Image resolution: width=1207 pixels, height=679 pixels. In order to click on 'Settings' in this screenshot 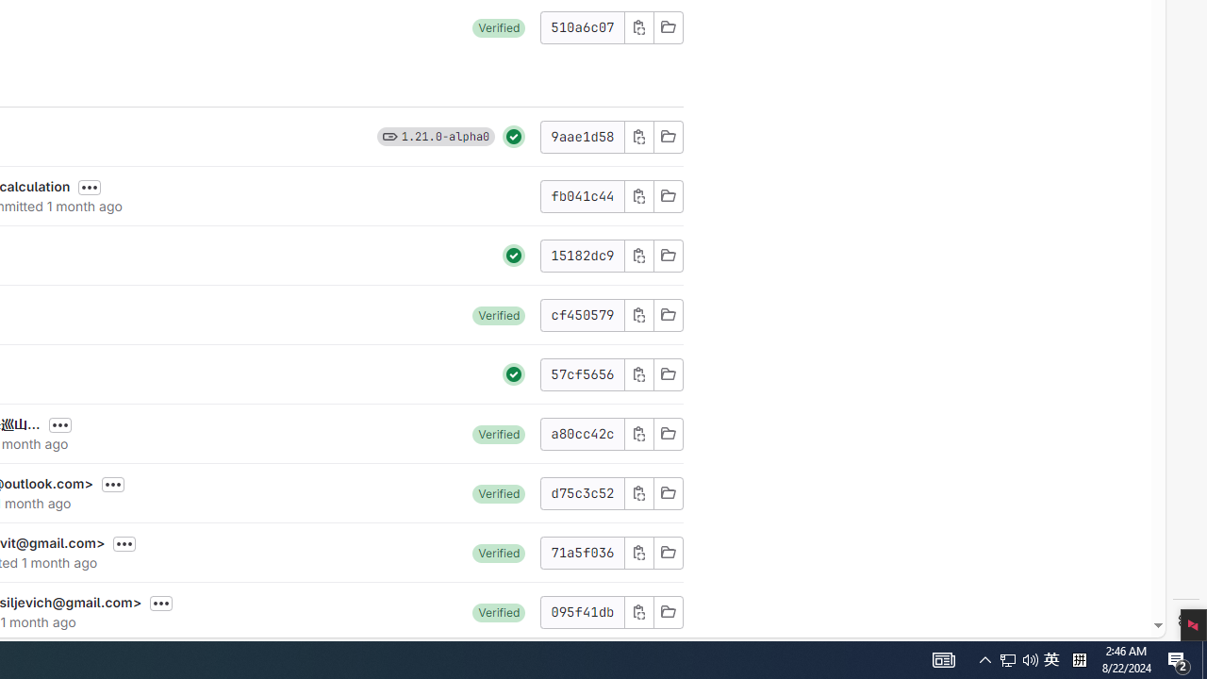, I will do `click(1185, 621)`.